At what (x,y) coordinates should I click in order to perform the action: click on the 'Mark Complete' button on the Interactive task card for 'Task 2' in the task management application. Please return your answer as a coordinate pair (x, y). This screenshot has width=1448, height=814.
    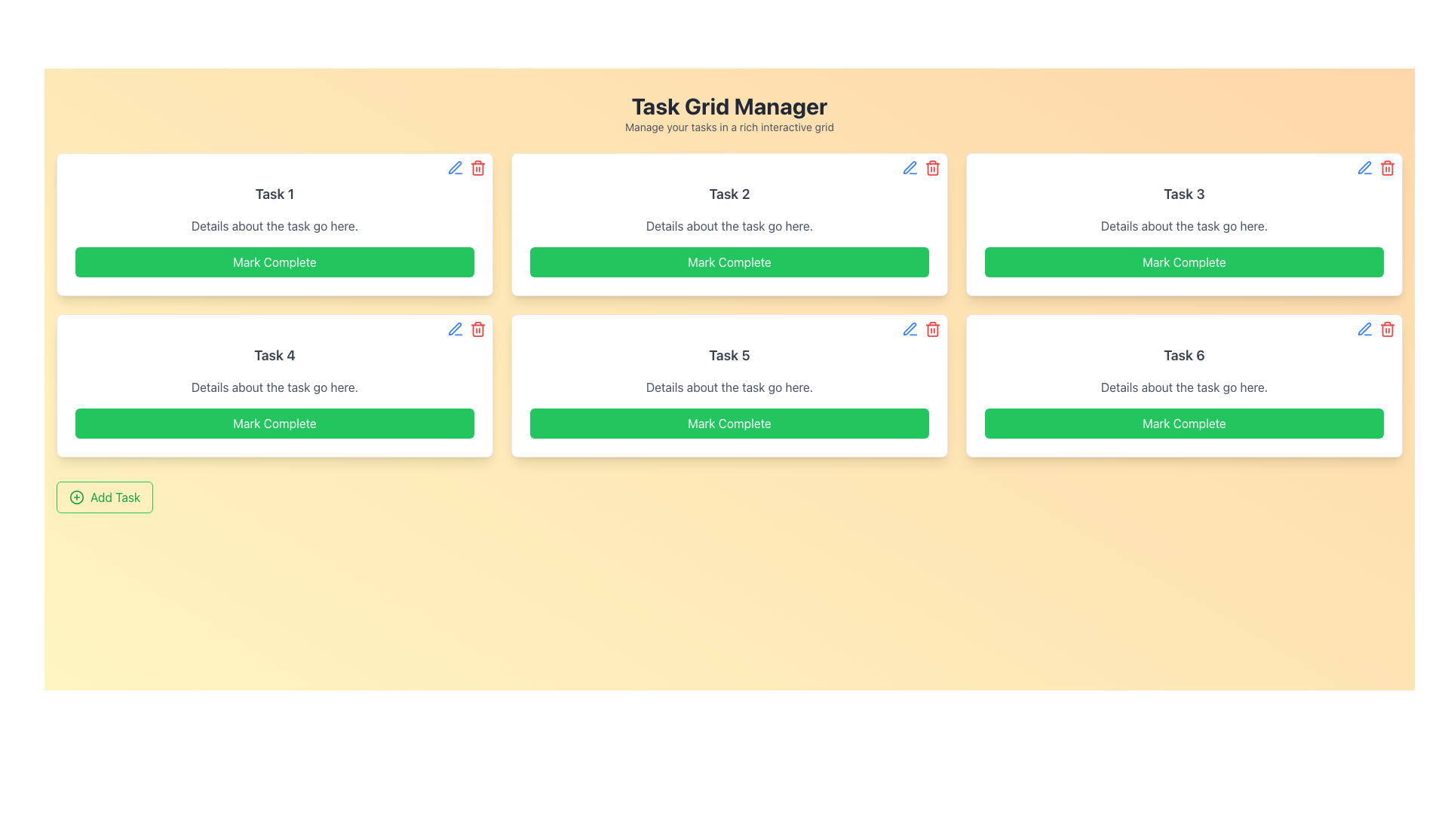
    Looking at the image, I should click on (729, 224).